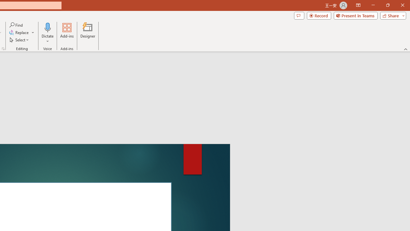 The height and width of the screenshot is (231, 410). What do you see at coordinates (16, 25) in the screenshot?
I see `'Find...'` at bounding box center [16, 25].